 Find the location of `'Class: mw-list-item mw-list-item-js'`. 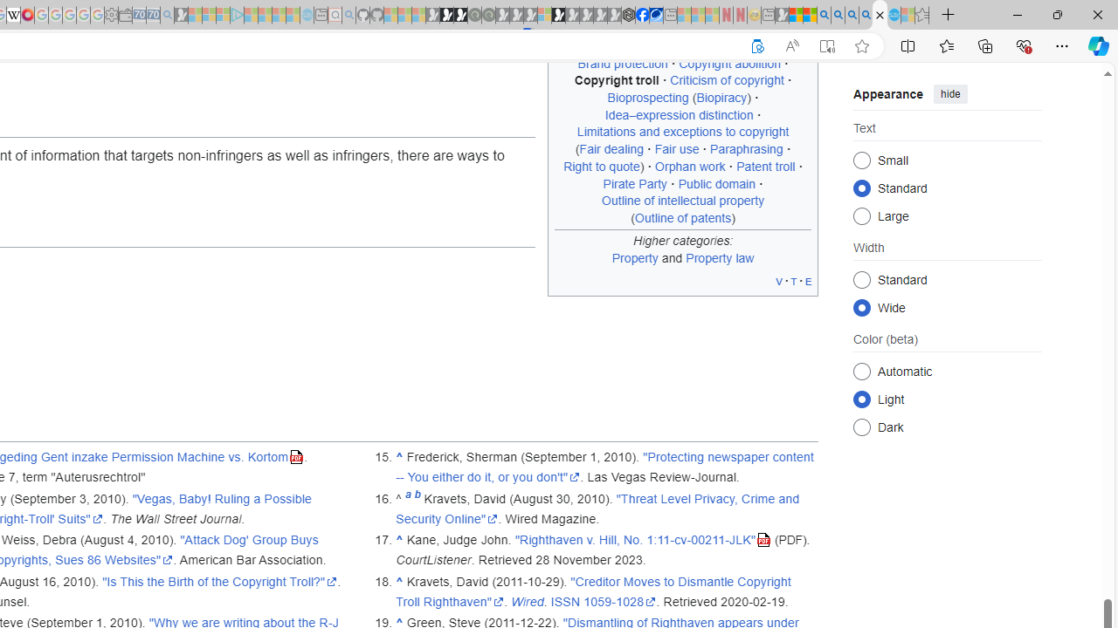

'Class: mw-list-item mw-list-item-js' is located at coordinates (946, 399).